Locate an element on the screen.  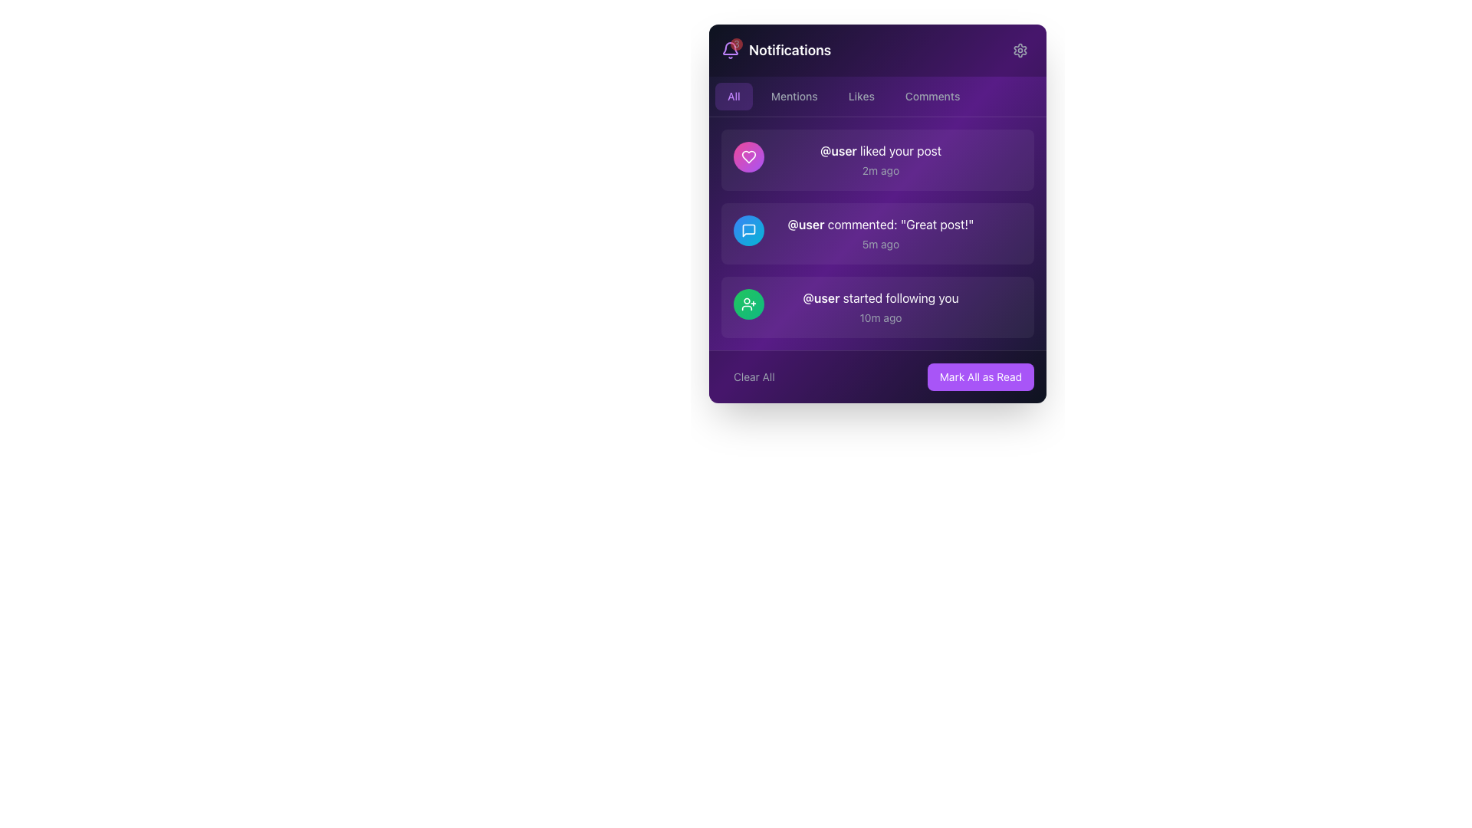
the red circular notification badge with the numeral '3' is located at coordinates (736, 43).